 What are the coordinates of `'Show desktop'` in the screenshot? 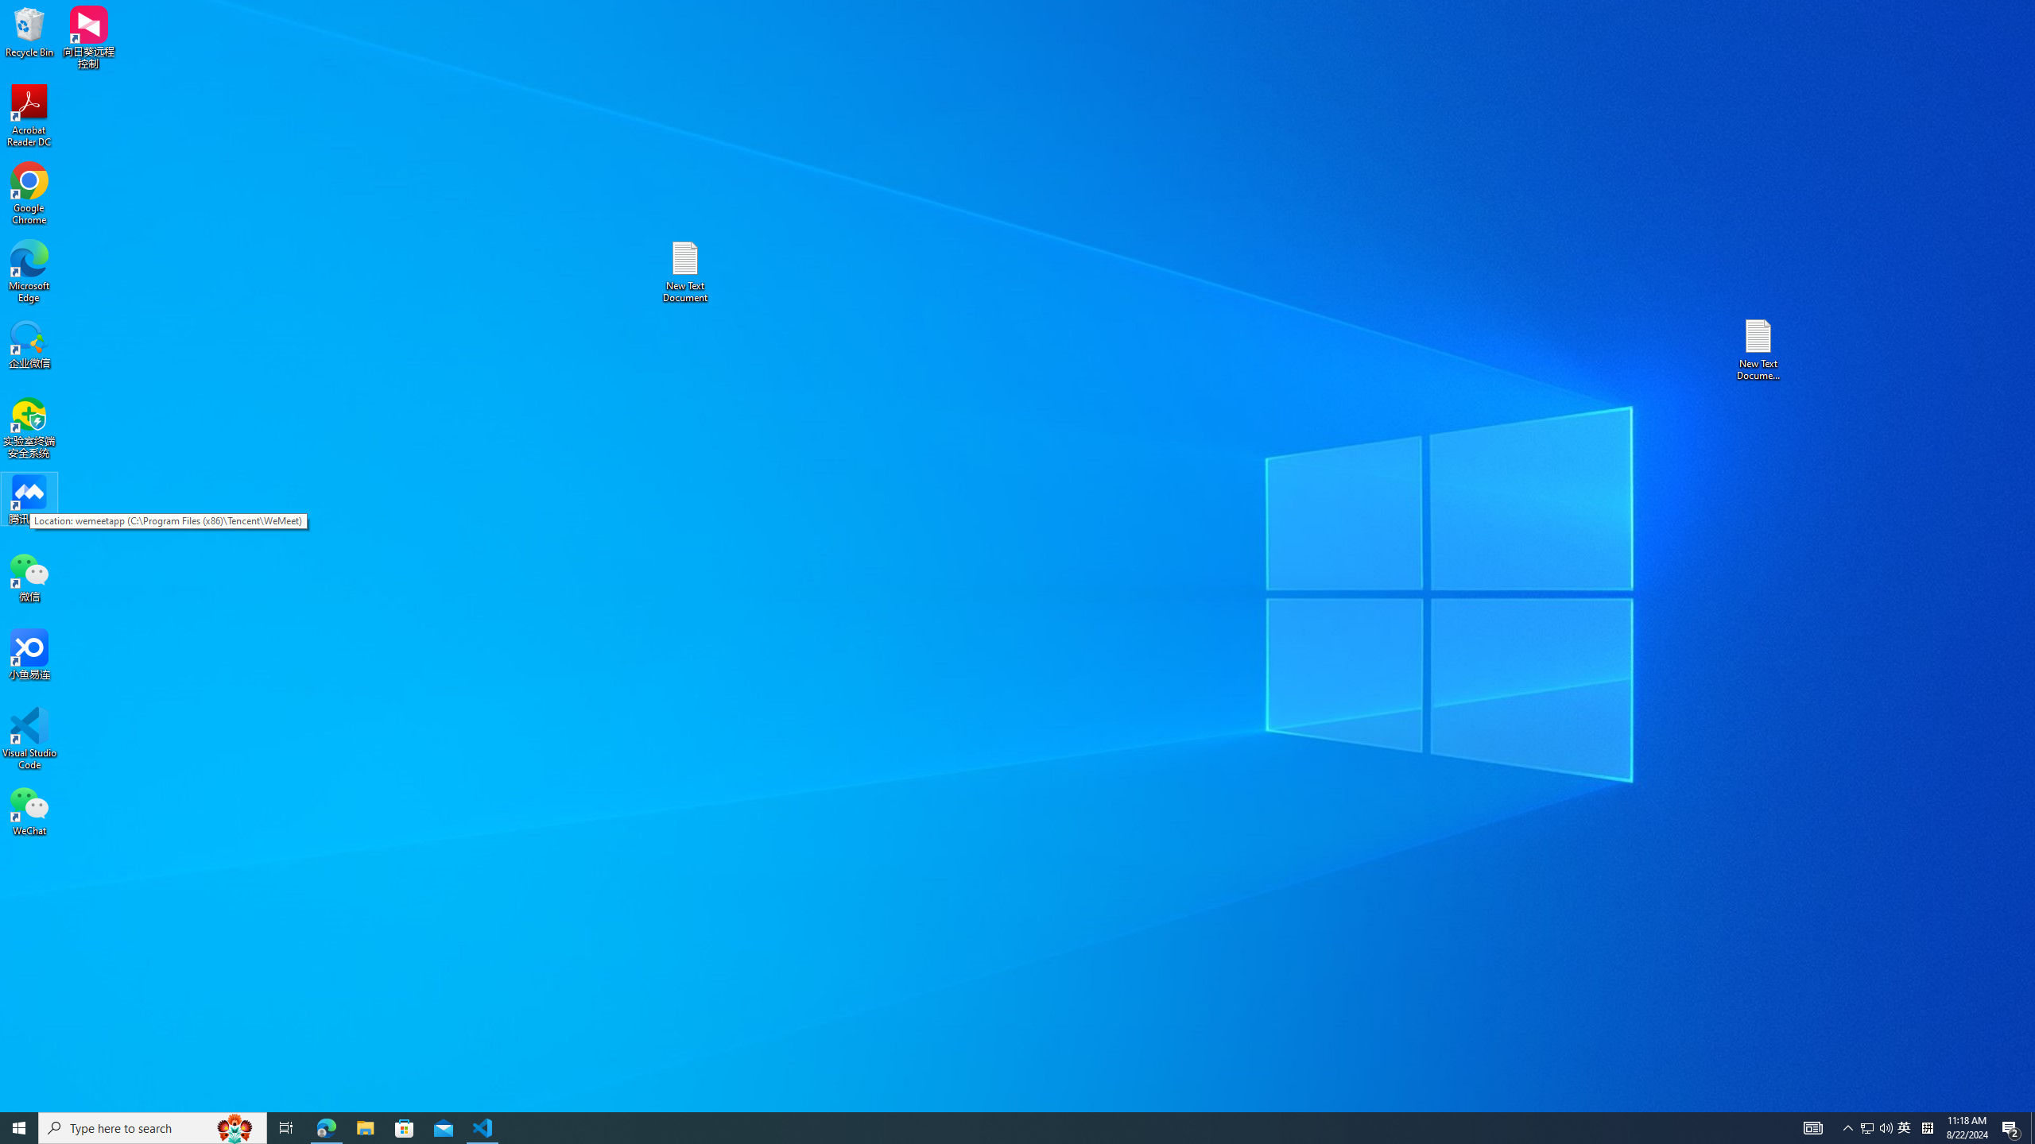 It's located at (2032, 1127).